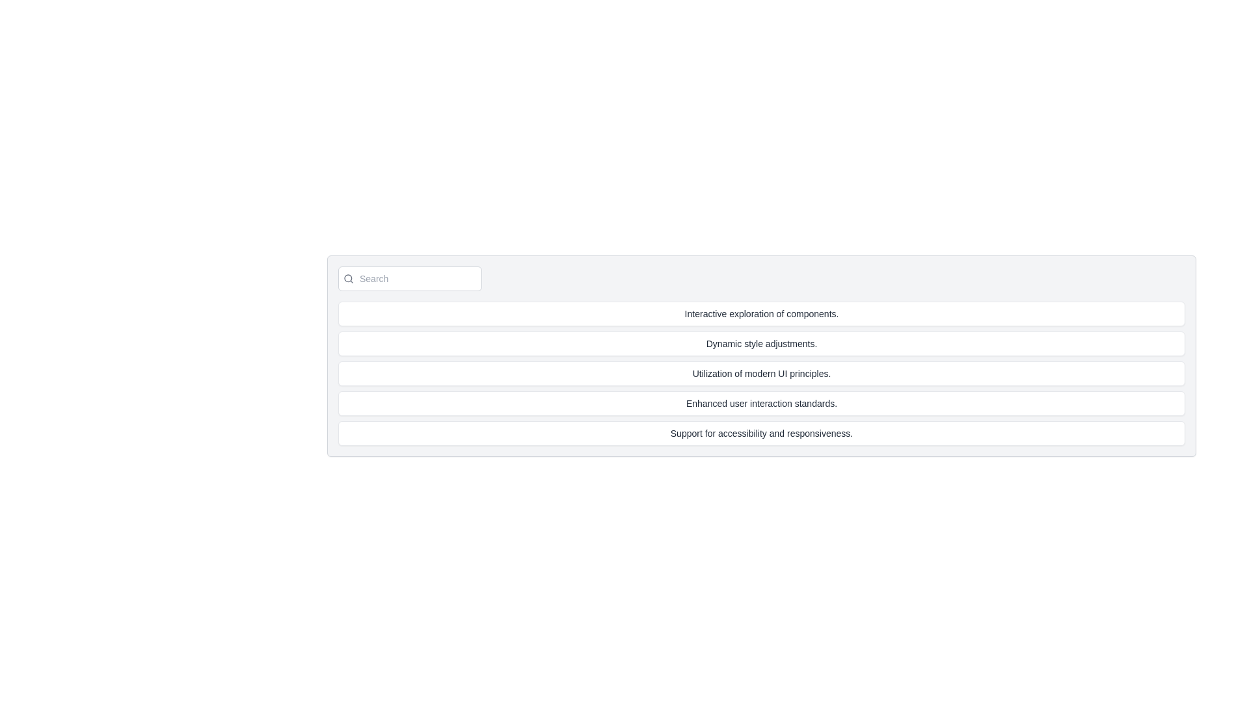 This screenshot has height=702, width=1249. Describe the element at coordinates (799, 403) in the screenshot. I see `the lowercase letter 't' which is the last character in the word 'standards' of the fourth bullet point labeled 'Enhanced user interaction standards.'` at that location.